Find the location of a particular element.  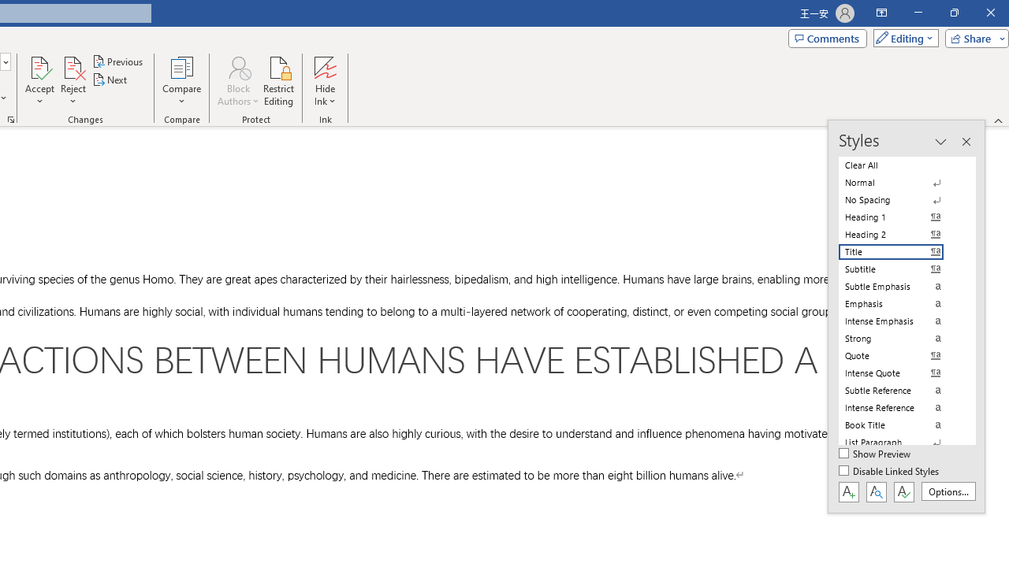

'Change Tracking Options...' is located at coordinates (11, 118).